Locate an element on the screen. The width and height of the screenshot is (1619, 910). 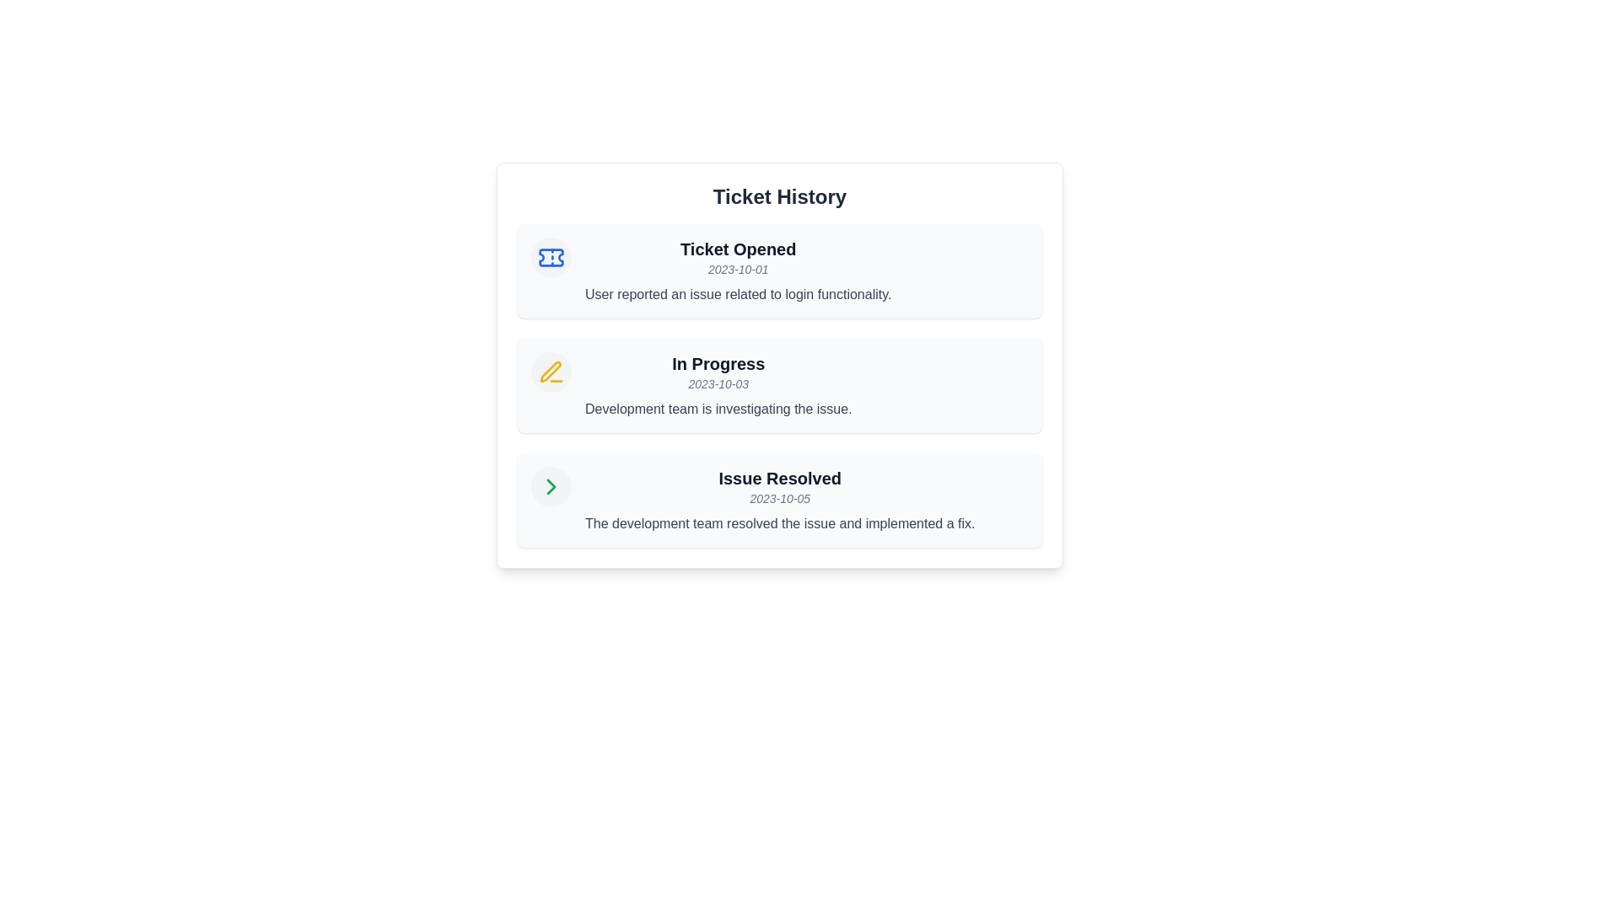
text content of the 'Ticket Opened' block, which includes the title, date, and description of the ticket issue is located at coordinates (738, 270).